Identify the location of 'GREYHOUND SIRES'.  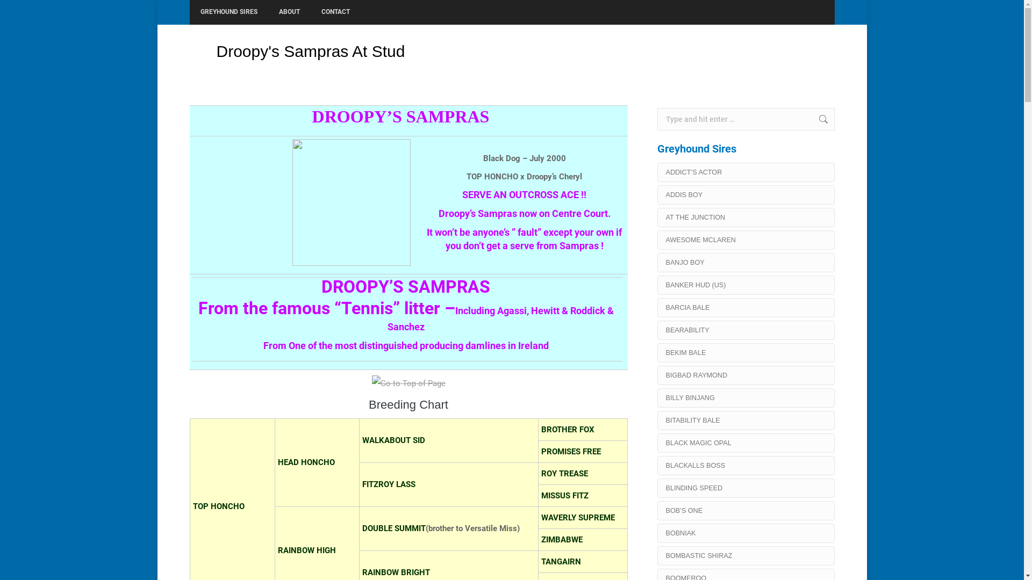
(228, 12).